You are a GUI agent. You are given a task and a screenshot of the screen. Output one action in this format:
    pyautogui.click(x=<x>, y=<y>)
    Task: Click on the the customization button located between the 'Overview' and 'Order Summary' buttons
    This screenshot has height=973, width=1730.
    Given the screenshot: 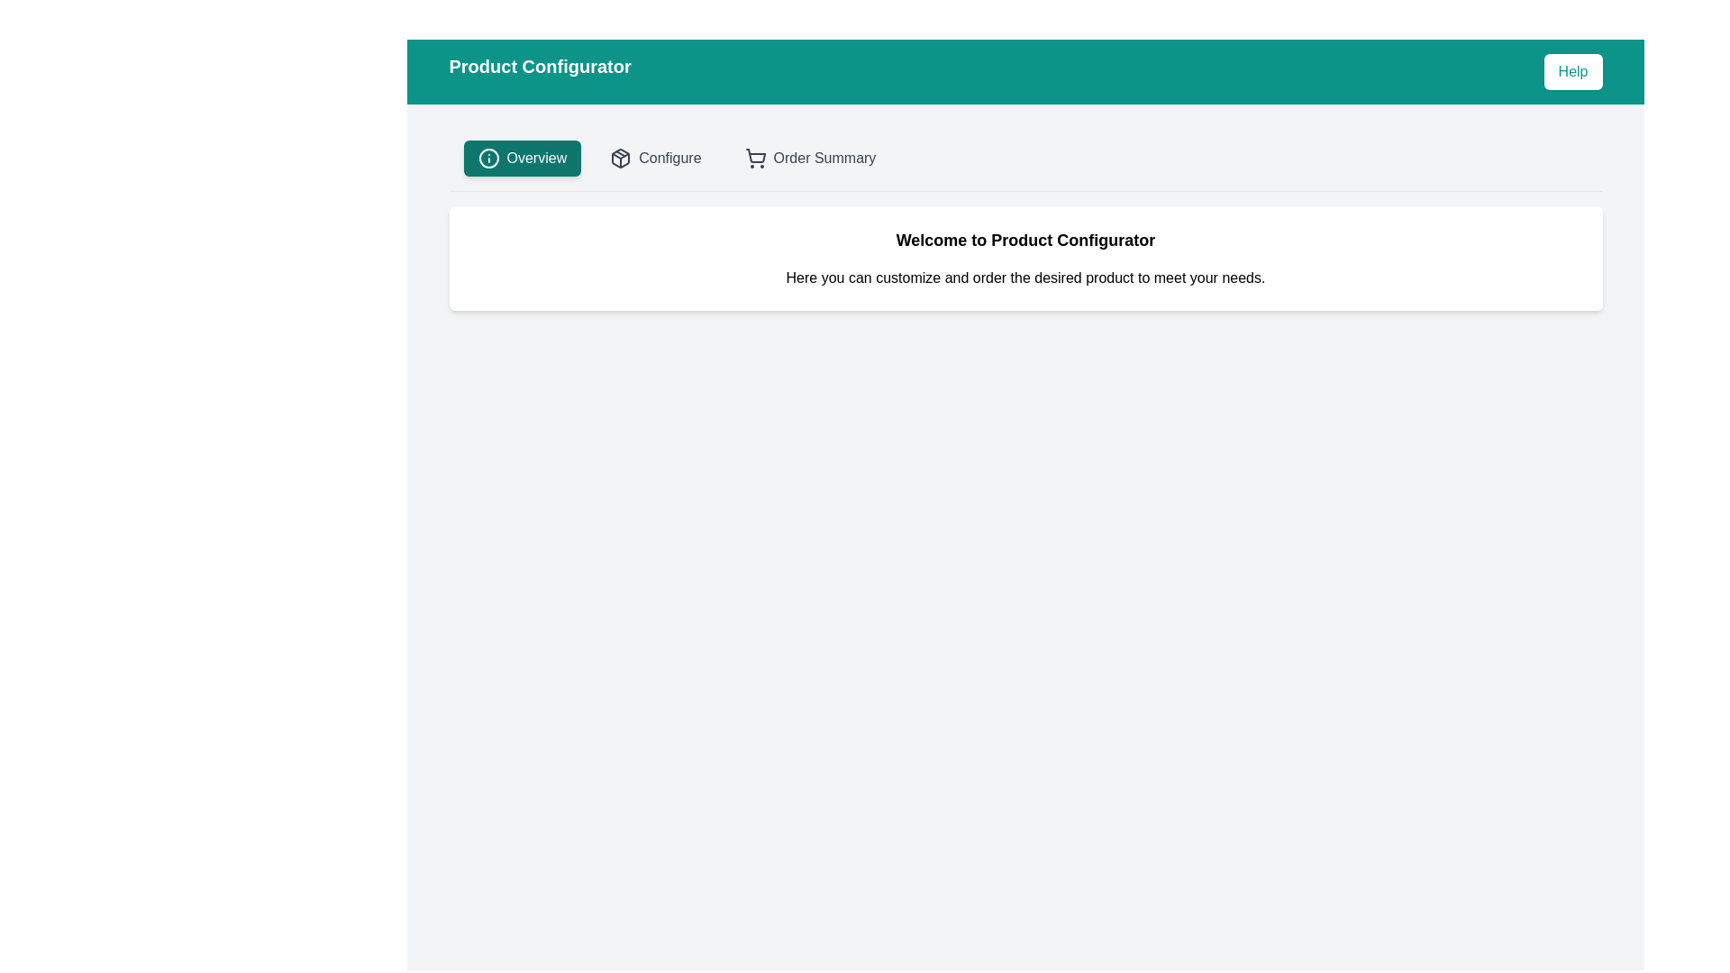 What is the action you would take?
    pyautogui.click(x=654, y=158)
    